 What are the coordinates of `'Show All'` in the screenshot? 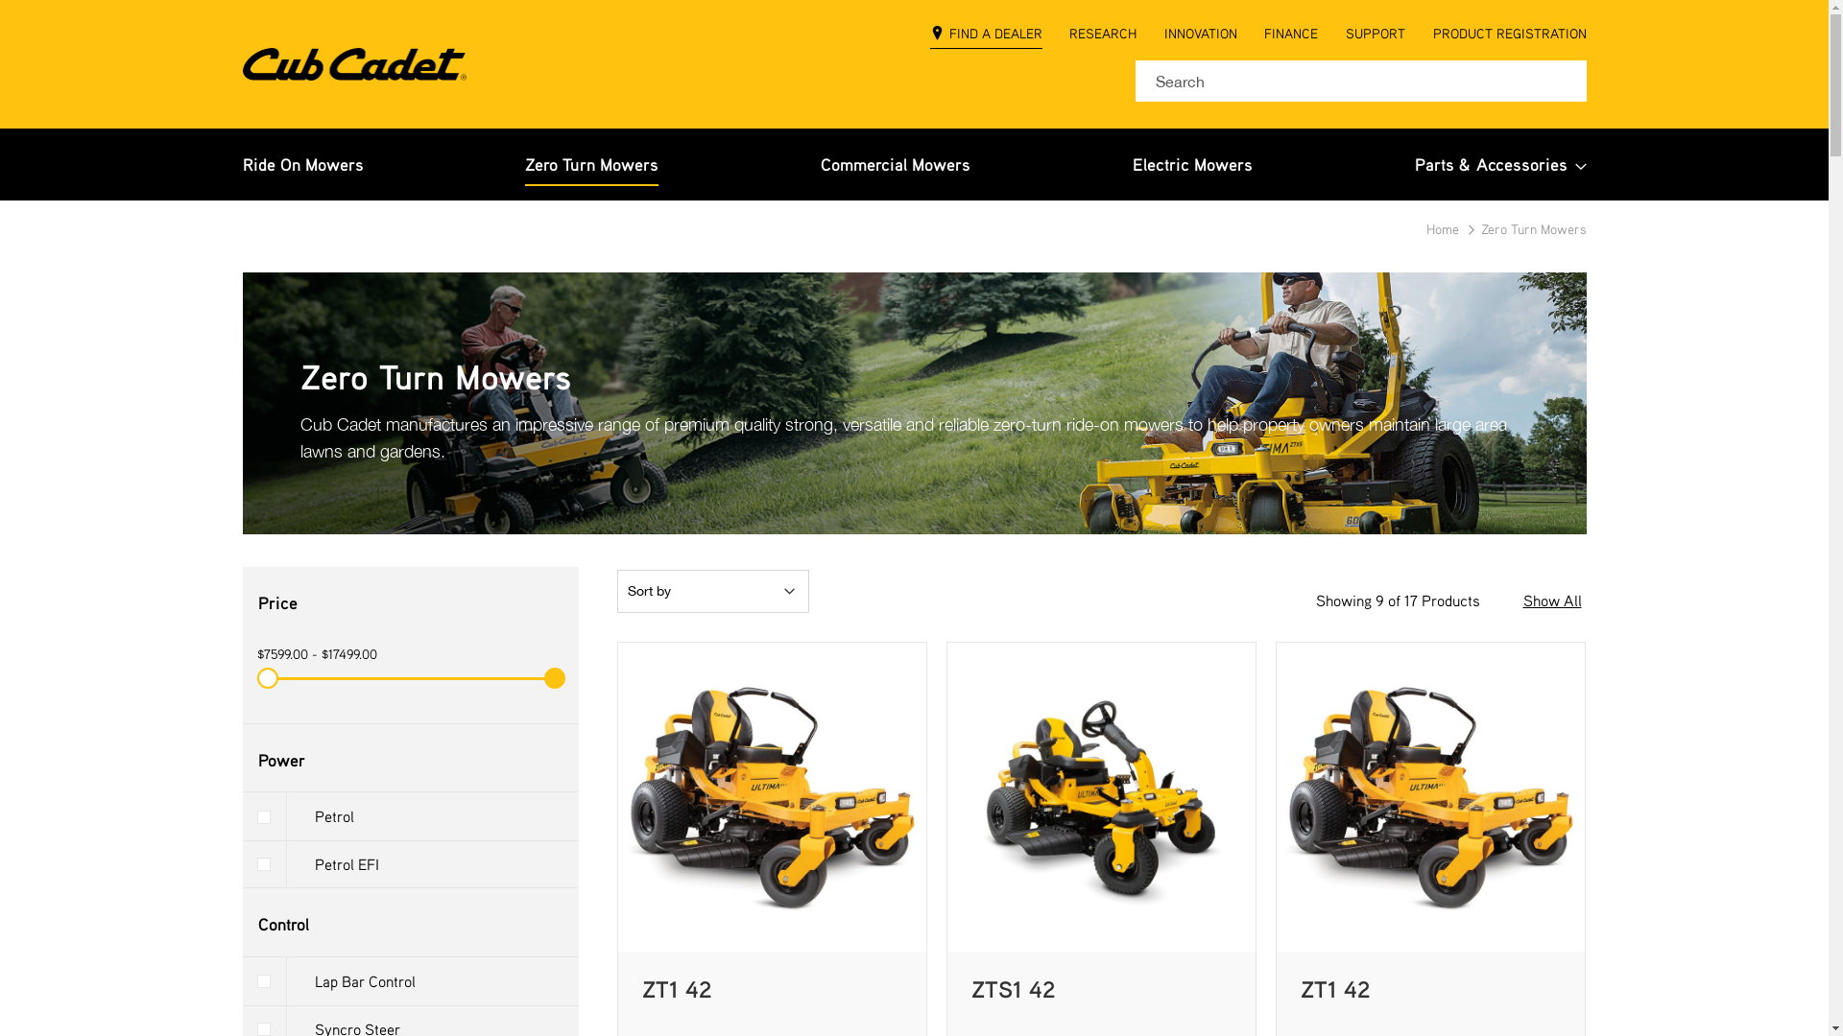 It's located at (1551, 600).